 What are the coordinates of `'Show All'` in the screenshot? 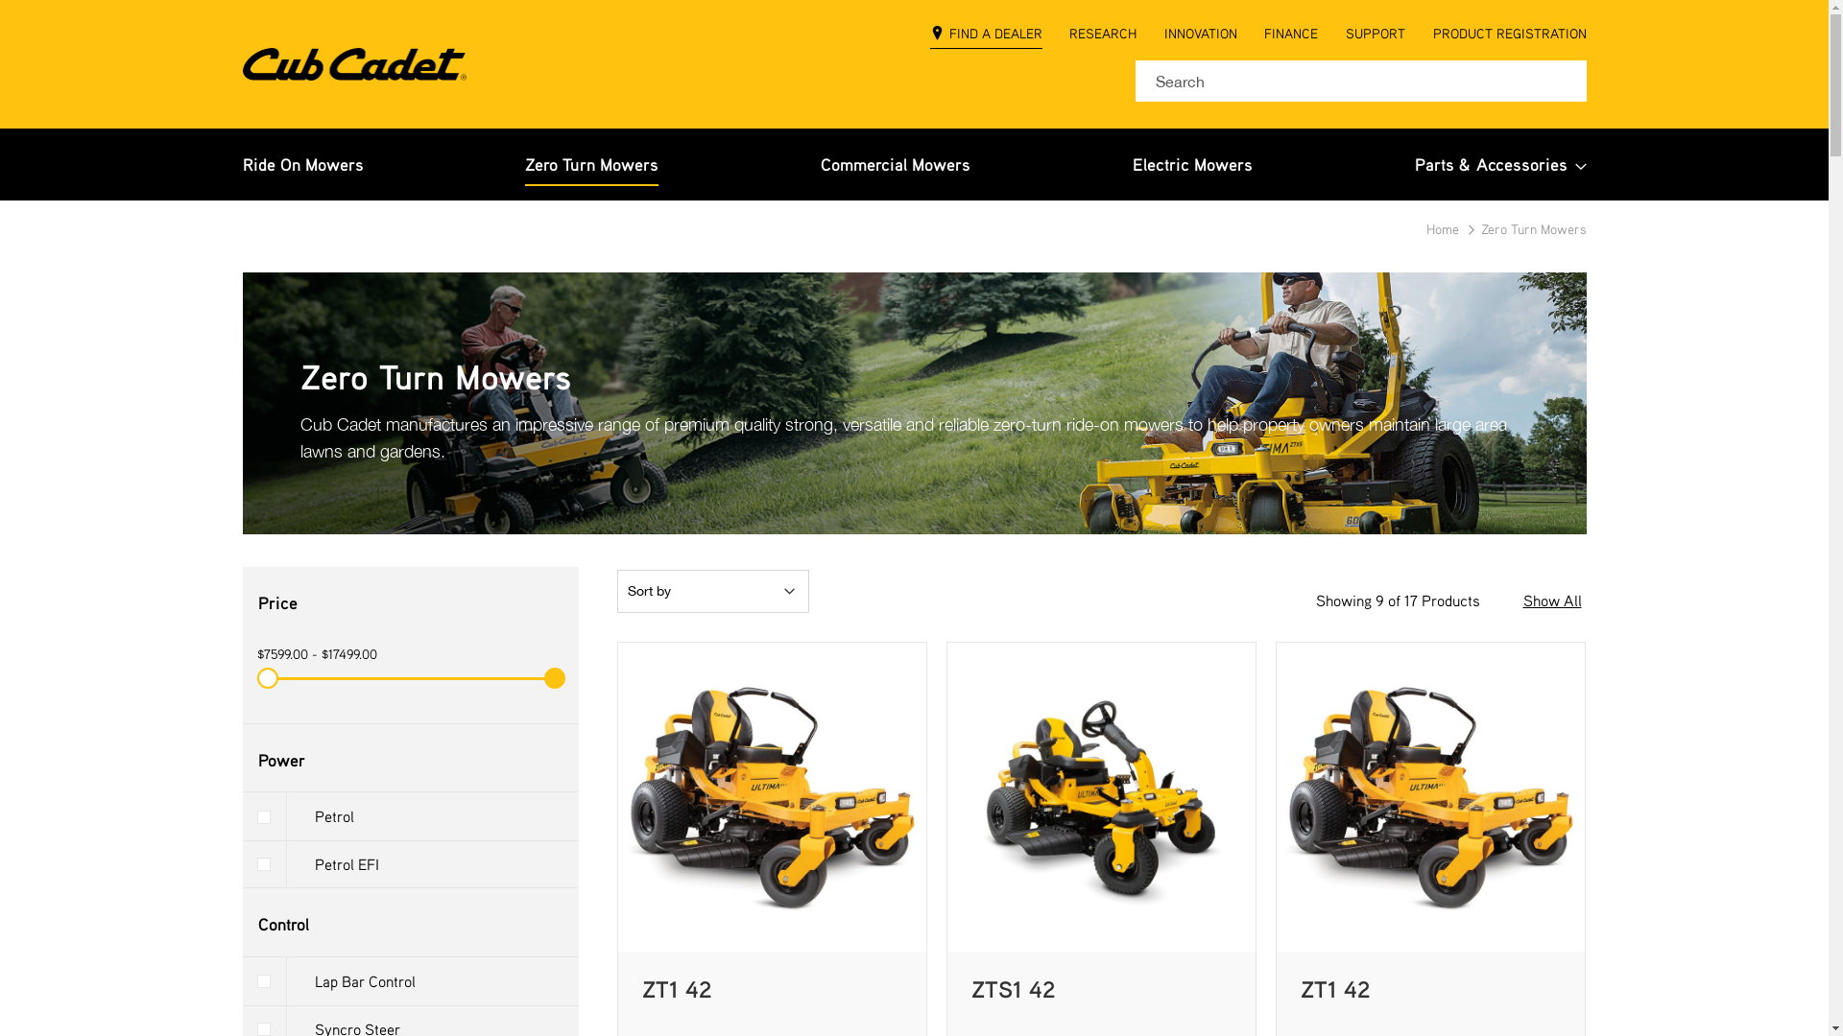 It's located at (1551, 600).